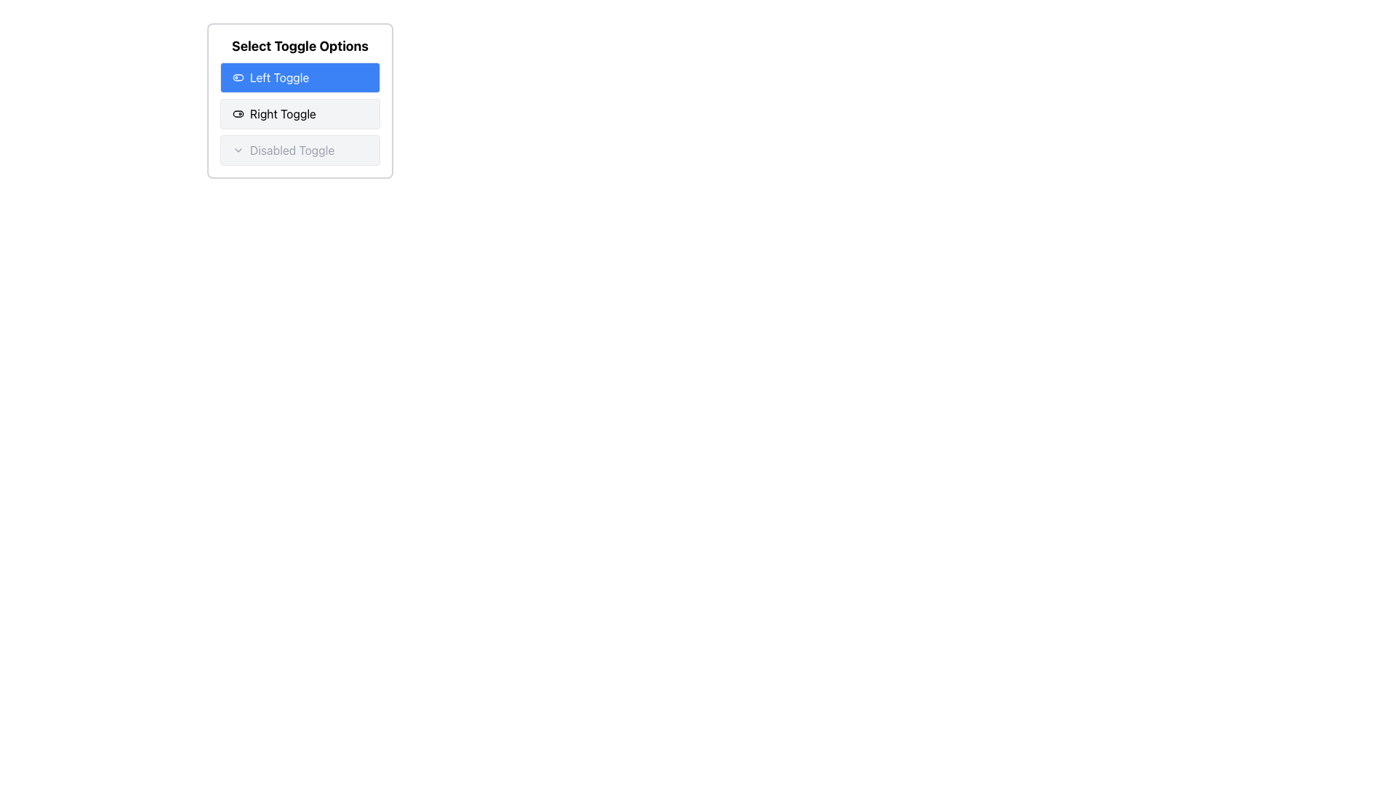 The height and width of the screenshot is (785, 1396). Describe the element at coordinates (299, 113) in the screenshot. I see `the second toggle button in the vertical list of the toggle group labeled 'Select Toggle Options'` at that location.